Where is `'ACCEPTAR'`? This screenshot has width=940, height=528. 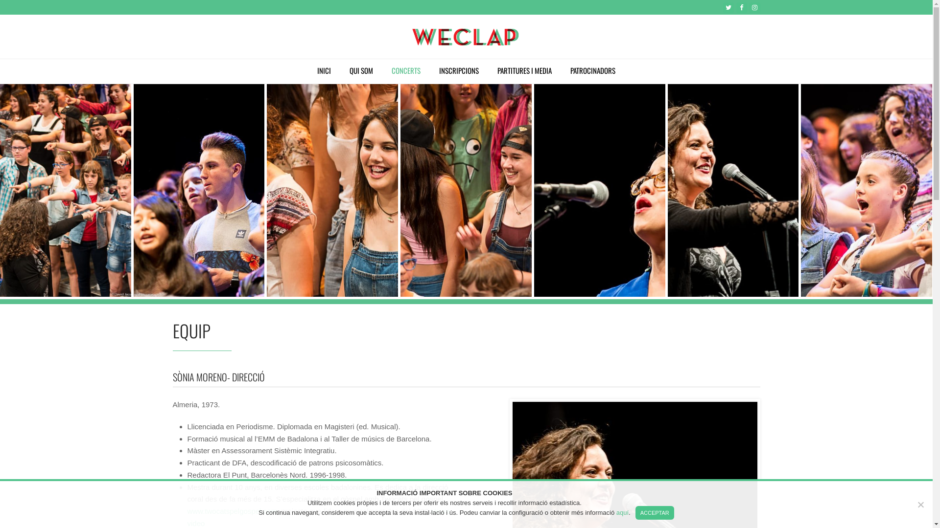 'ACCEPTAR' is located at coordinates (655, 512).